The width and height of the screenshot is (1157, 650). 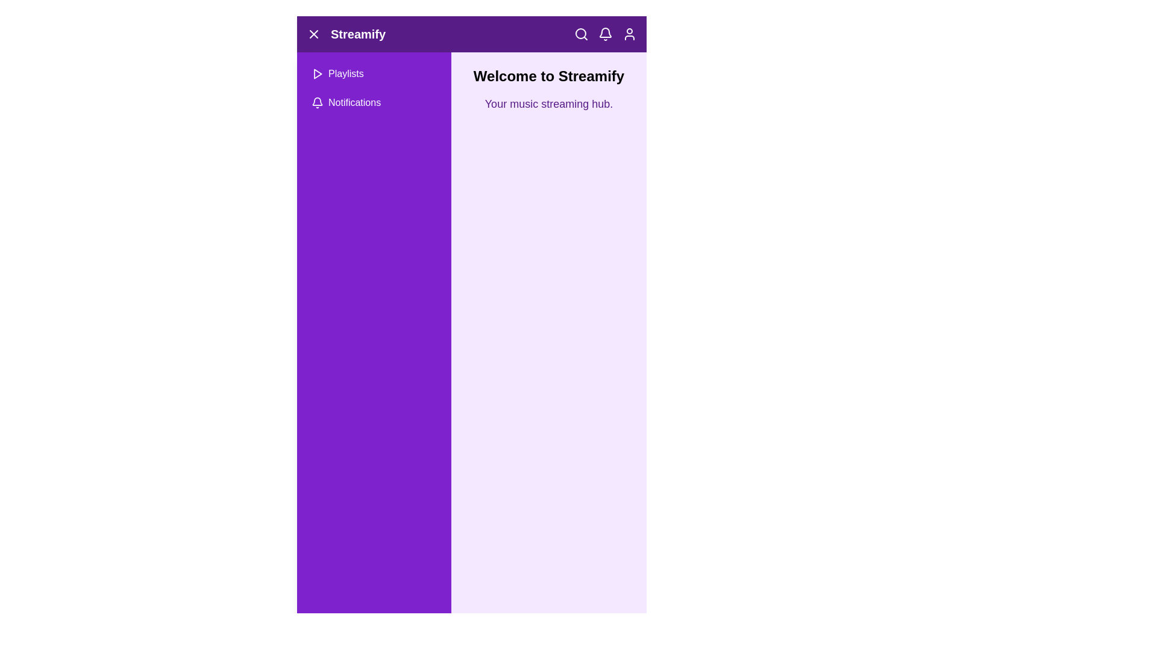 What do you see at coordinates (354, 102) in the screenshot?
I see `the Notifications text label in the collapsible side menu, which is the second menu item following Playlists` at bounding box center [354, 102].